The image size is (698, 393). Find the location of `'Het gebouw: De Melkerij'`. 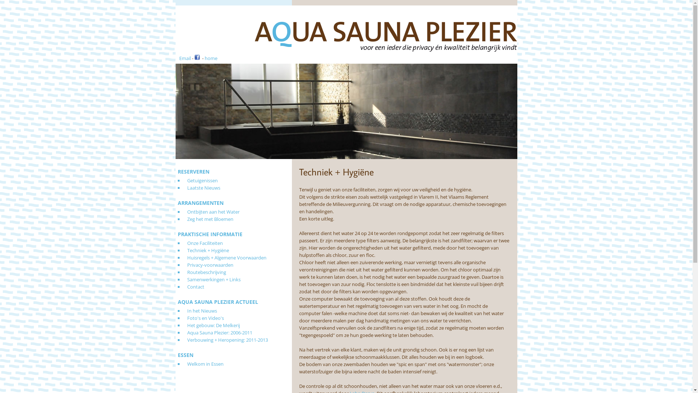

'Het gebouw: De Melkerij' is located at coordinates (207, 325).